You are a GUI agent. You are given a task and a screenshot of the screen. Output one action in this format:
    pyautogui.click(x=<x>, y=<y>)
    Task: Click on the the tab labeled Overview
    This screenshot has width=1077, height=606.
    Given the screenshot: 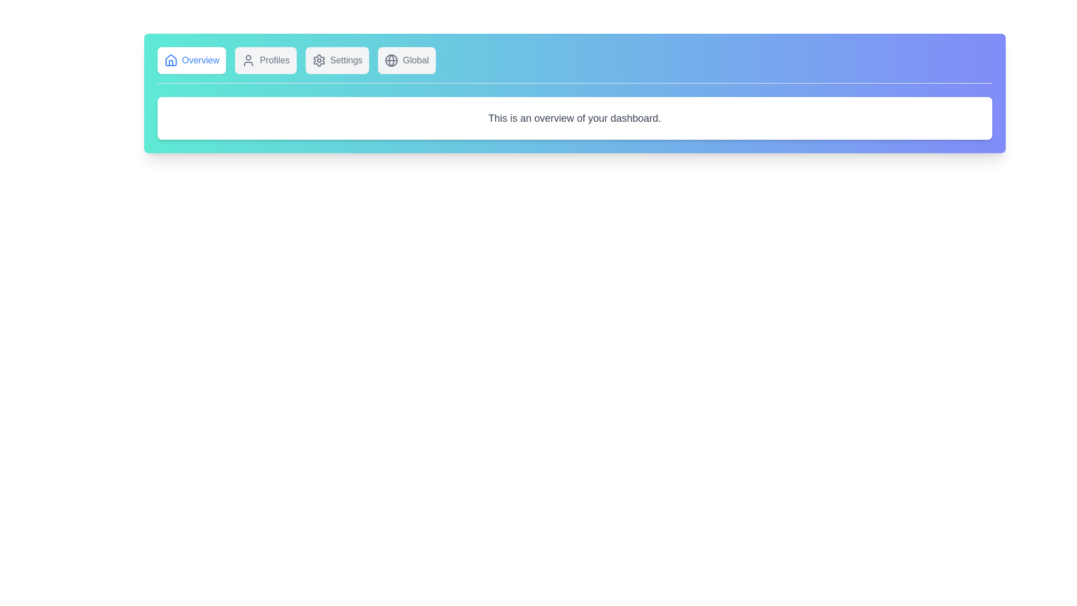 What is the action you would take?
    pyautogui.click(x=191, y=61)
    